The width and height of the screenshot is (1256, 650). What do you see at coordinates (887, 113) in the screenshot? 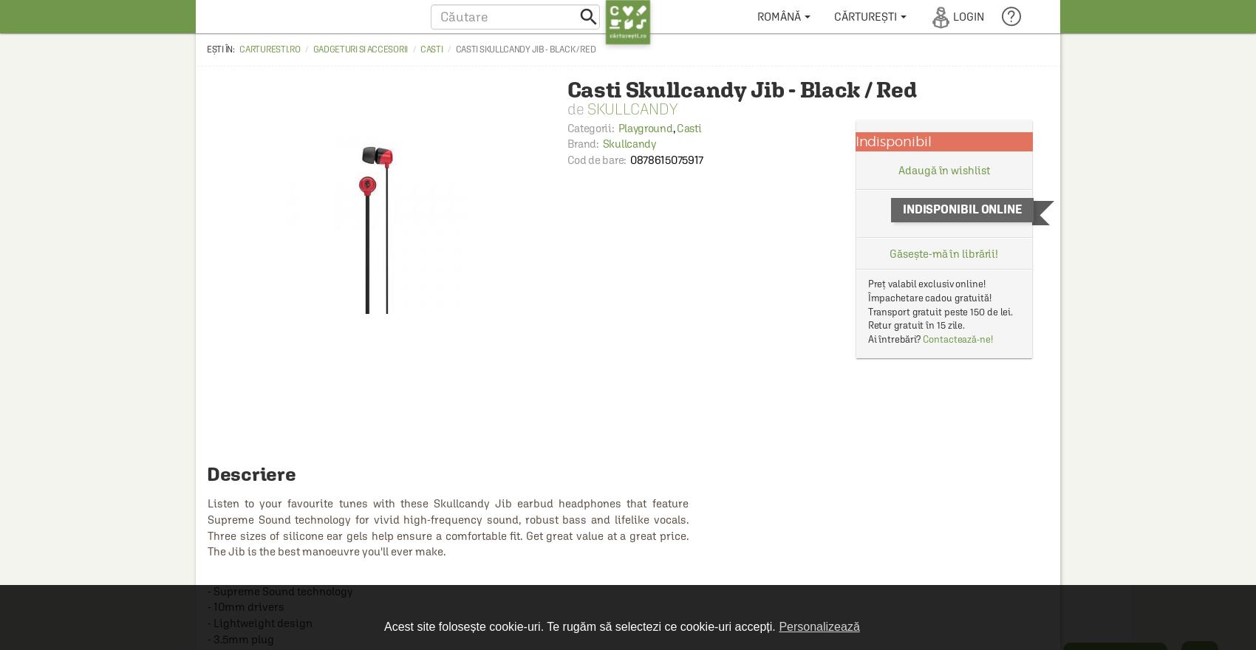
I see `'Nu aveți produse în coș.'` at bounding box center [887, 113].